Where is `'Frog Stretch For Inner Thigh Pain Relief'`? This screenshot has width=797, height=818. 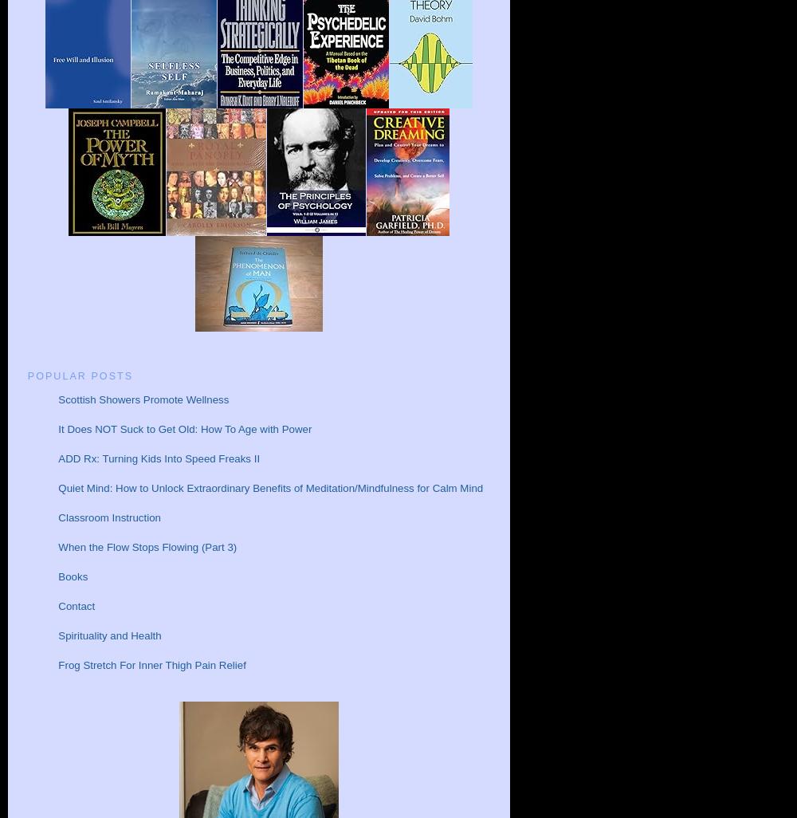 'Frog Stretch For Inner Thigh Pain Relief' is located at coordinates (57, 664).